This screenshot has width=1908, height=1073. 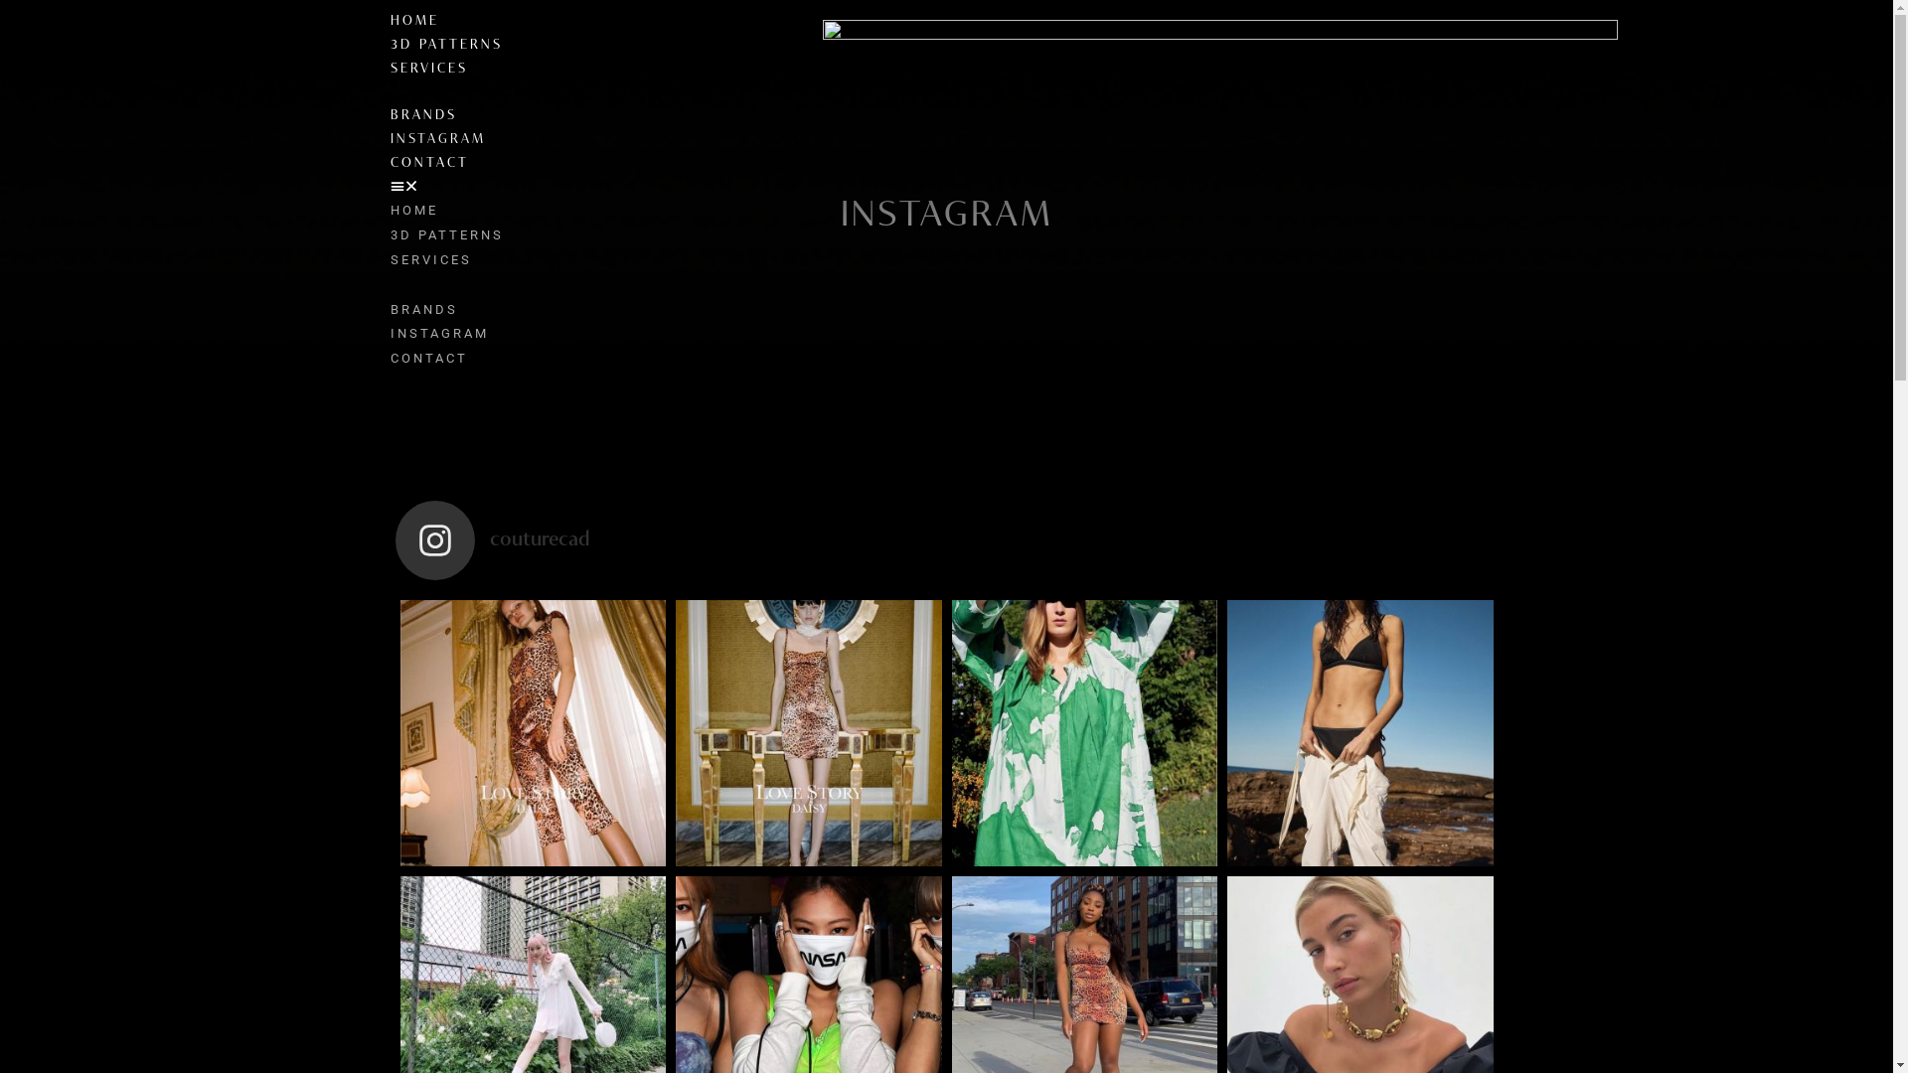 I want to click on 'SERVICES', so click(x=428, y=258).